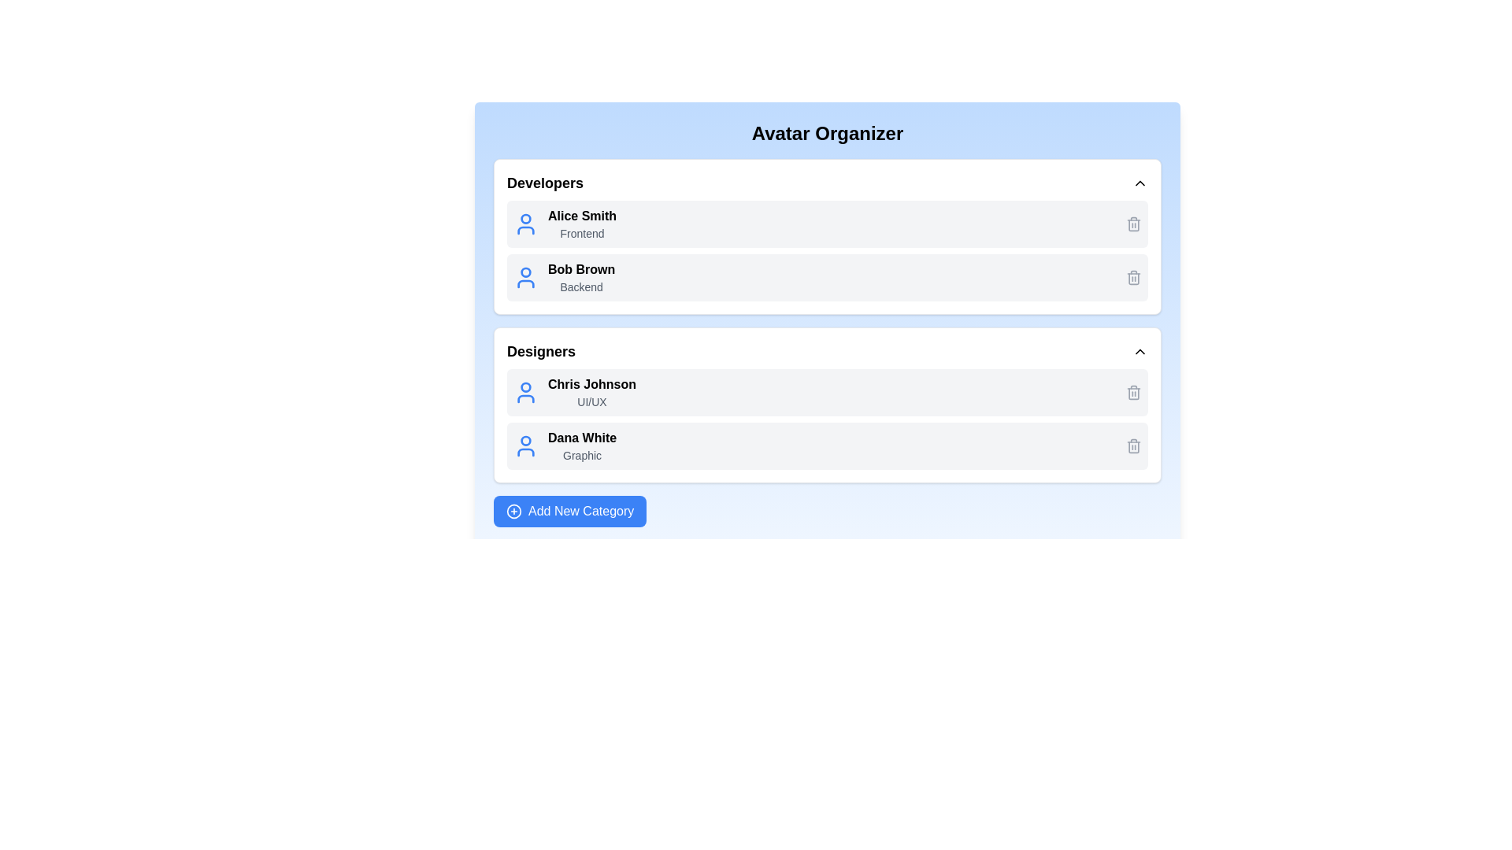 The width and height of the screenshot is (1512, 850). I want to click on assistive technologies, so click(580, 269).